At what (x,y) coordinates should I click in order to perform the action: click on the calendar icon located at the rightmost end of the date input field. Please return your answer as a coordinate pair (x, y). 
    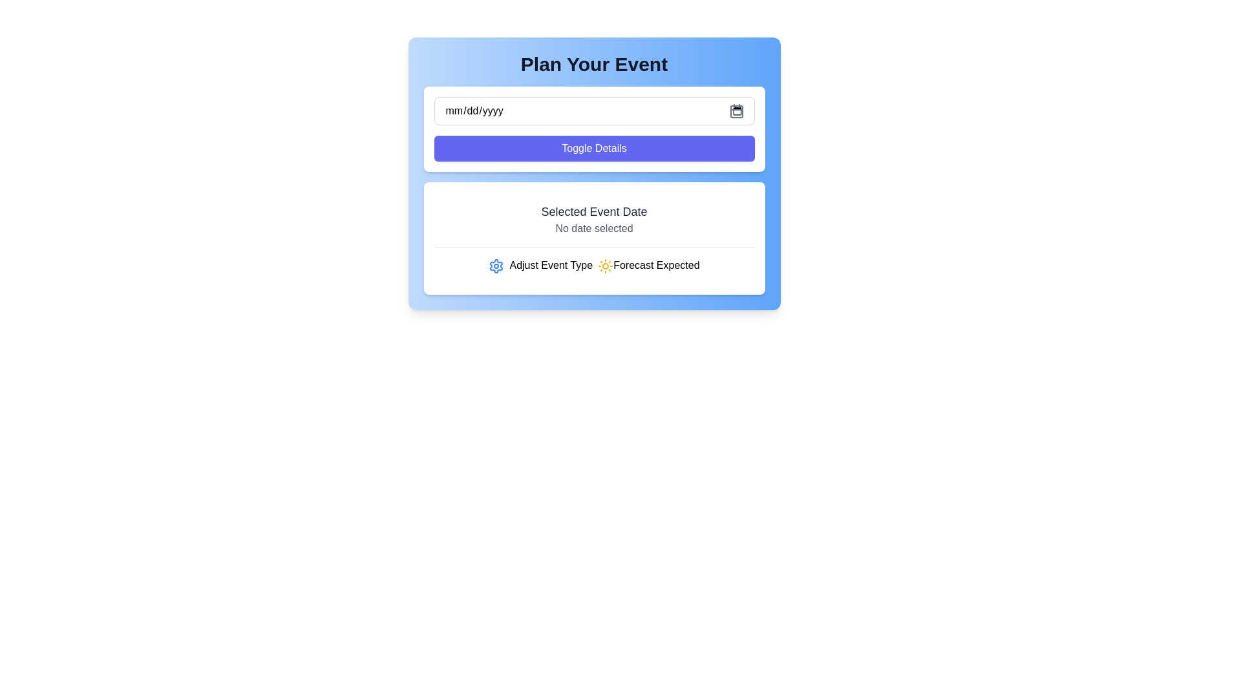
    Looking at the image, I should click on (736, 111).